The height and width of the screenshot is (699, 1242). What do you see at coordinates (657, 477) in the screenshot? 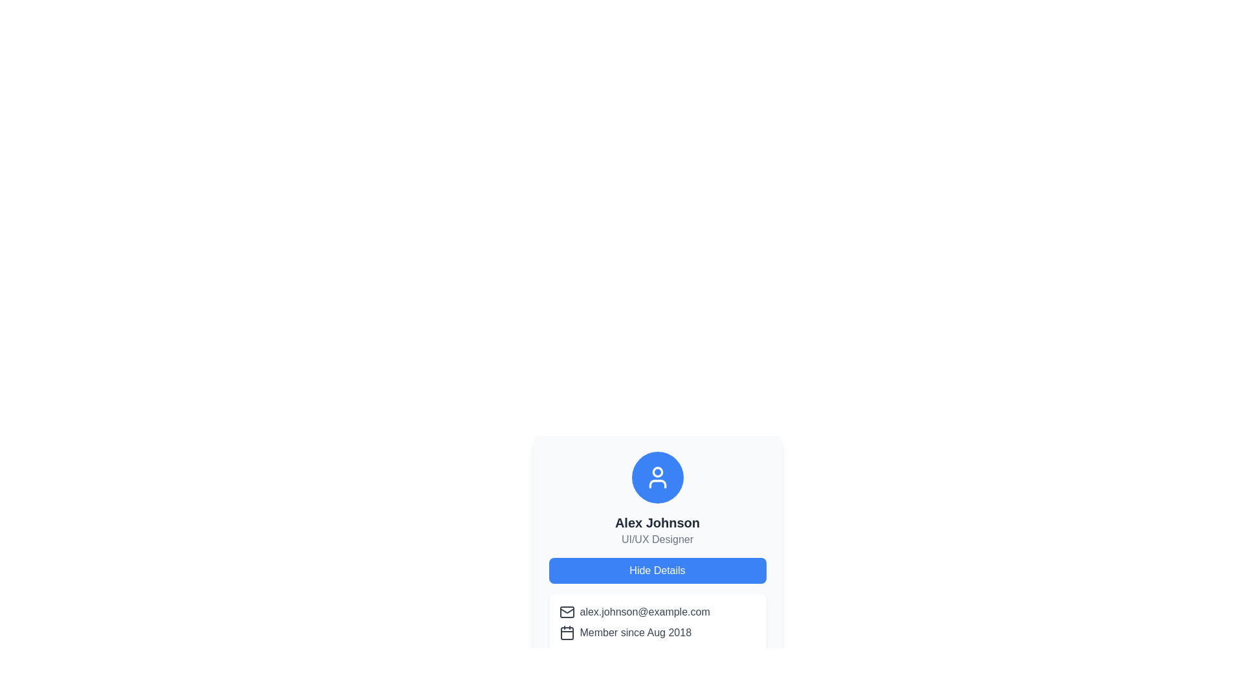
I see `the Circular avatar icon located at the top center of the profile card layout, directly above the text 'Alex Johnson' and 'UI/UX Designer', for visual context` at bounding box center [657, 477].